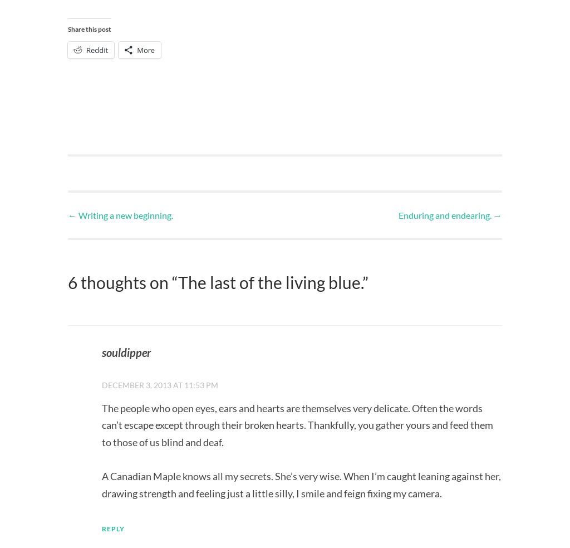  Describe the element at coordinates (89, 28) in the screenshot. I see `'Share this post'` at that location.